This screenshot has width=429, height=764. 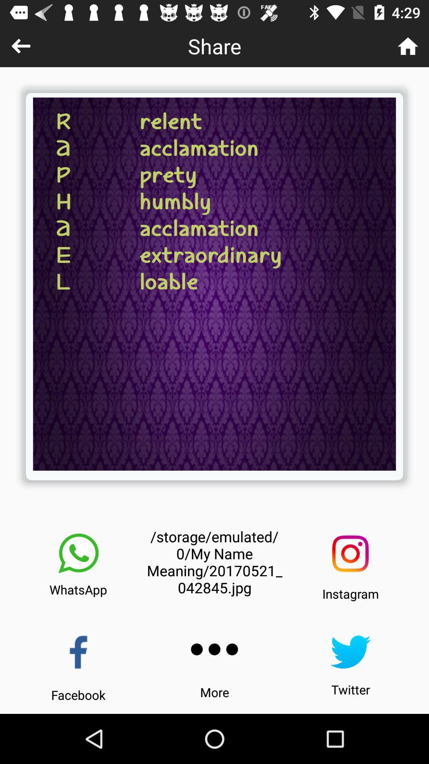 I want to click on the item above the more item, so click(x=214, y=649).